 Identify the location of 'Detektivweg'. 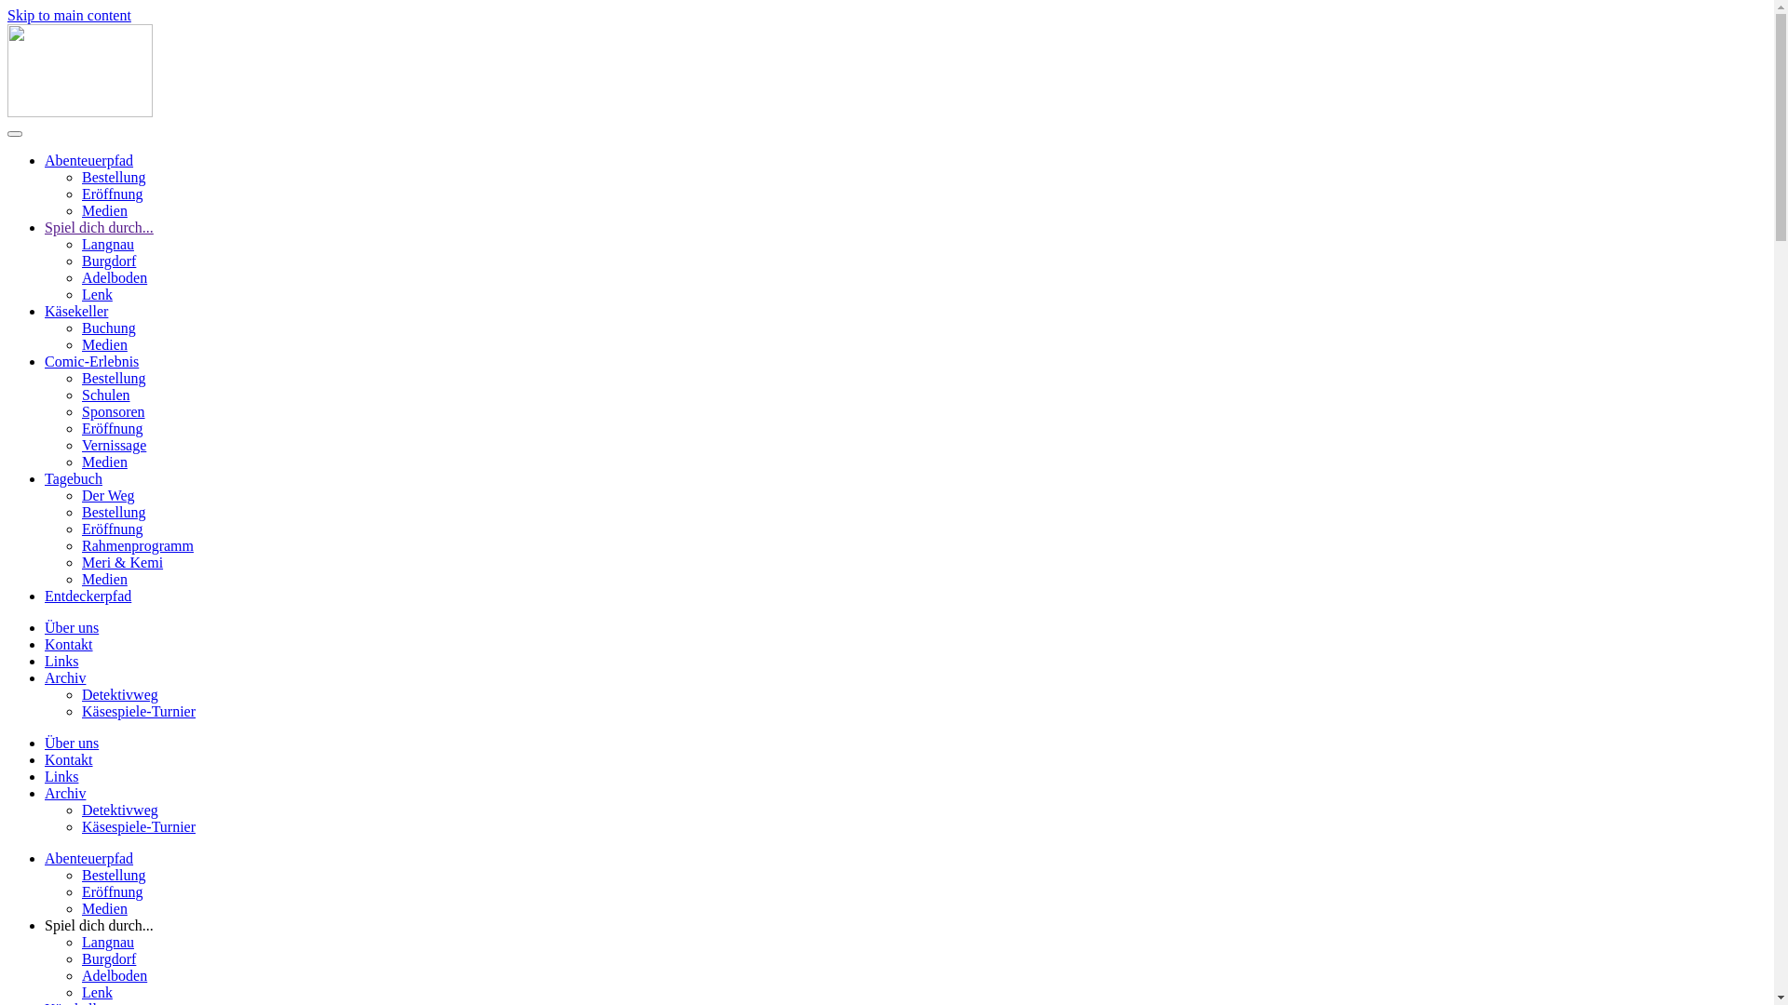
(119, 694).